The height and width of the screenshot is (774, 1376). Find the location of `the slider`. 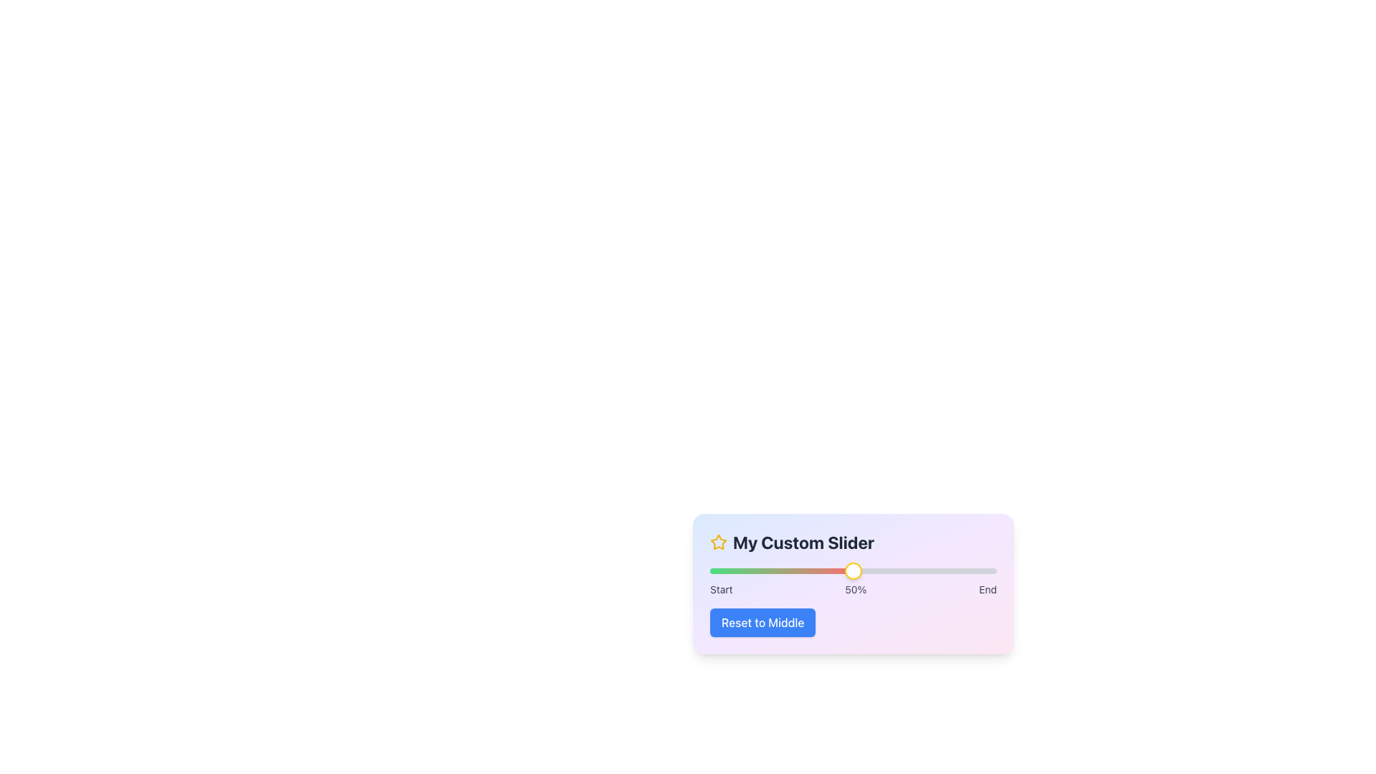

the slider is located at coordinates (826, 570).